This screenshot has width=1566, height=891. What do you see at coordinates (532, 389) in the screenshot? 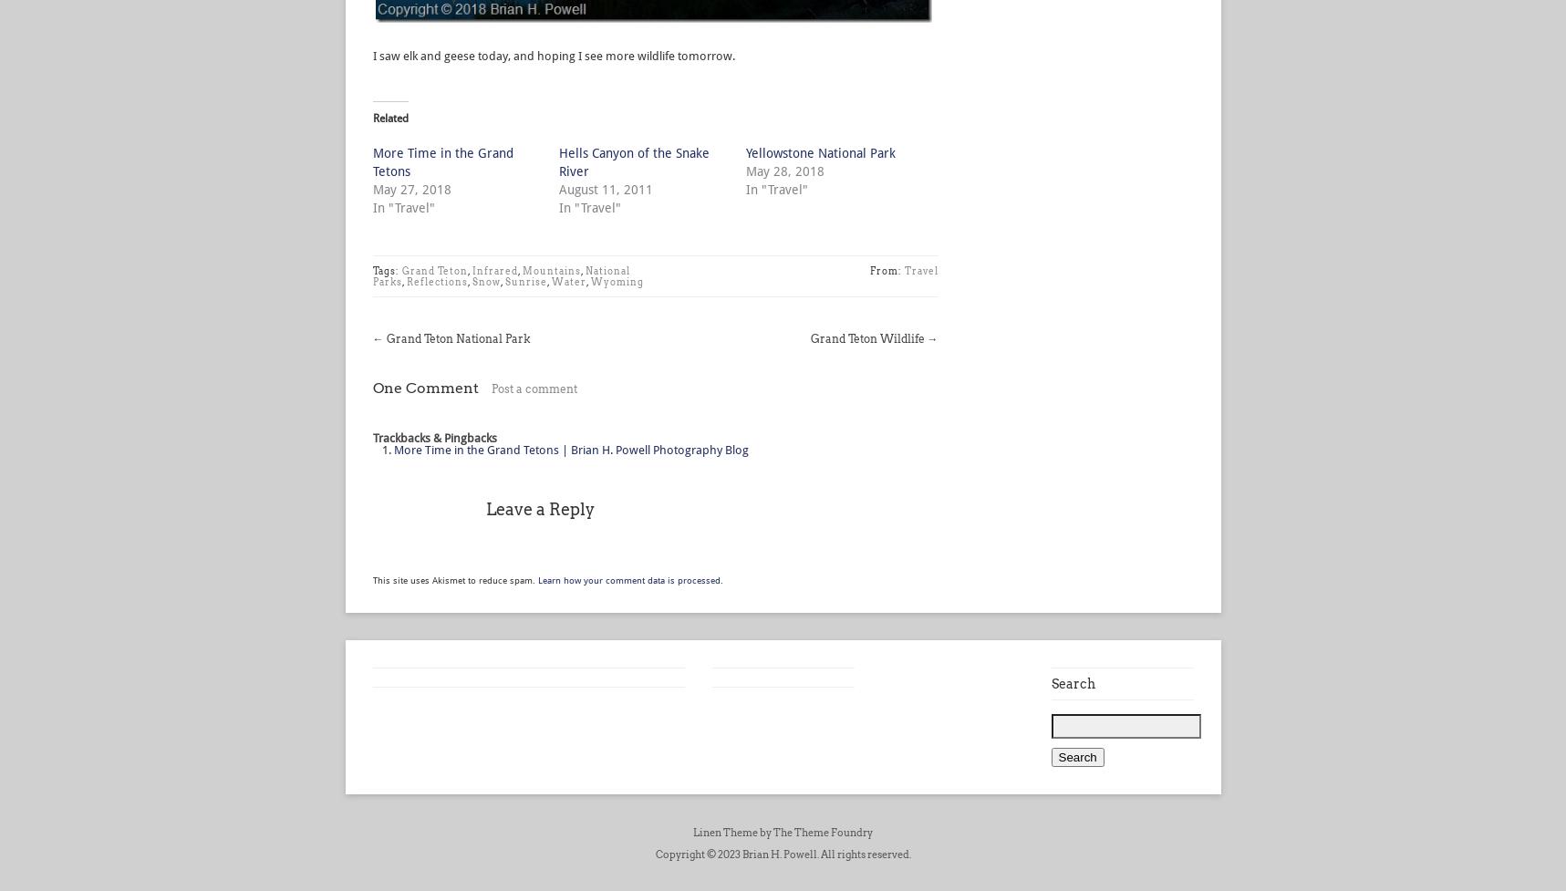
I see `'Post a comment'` at bounding box center [532, 389].